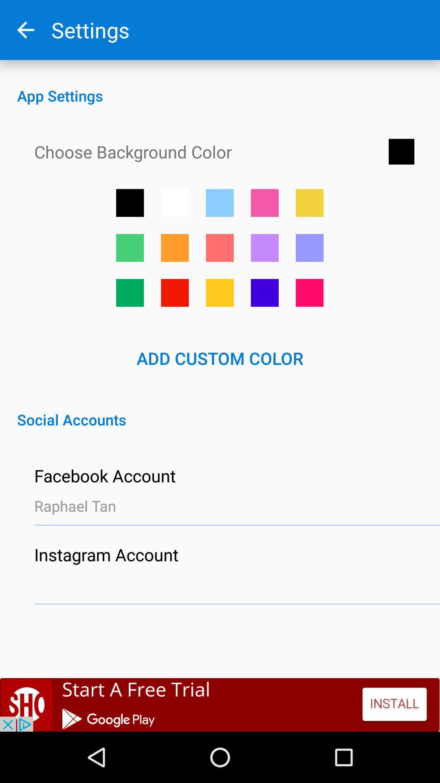  Describe the element at coordinates (264, 203) in the screenshot. I see `set background color to pink` at that location.